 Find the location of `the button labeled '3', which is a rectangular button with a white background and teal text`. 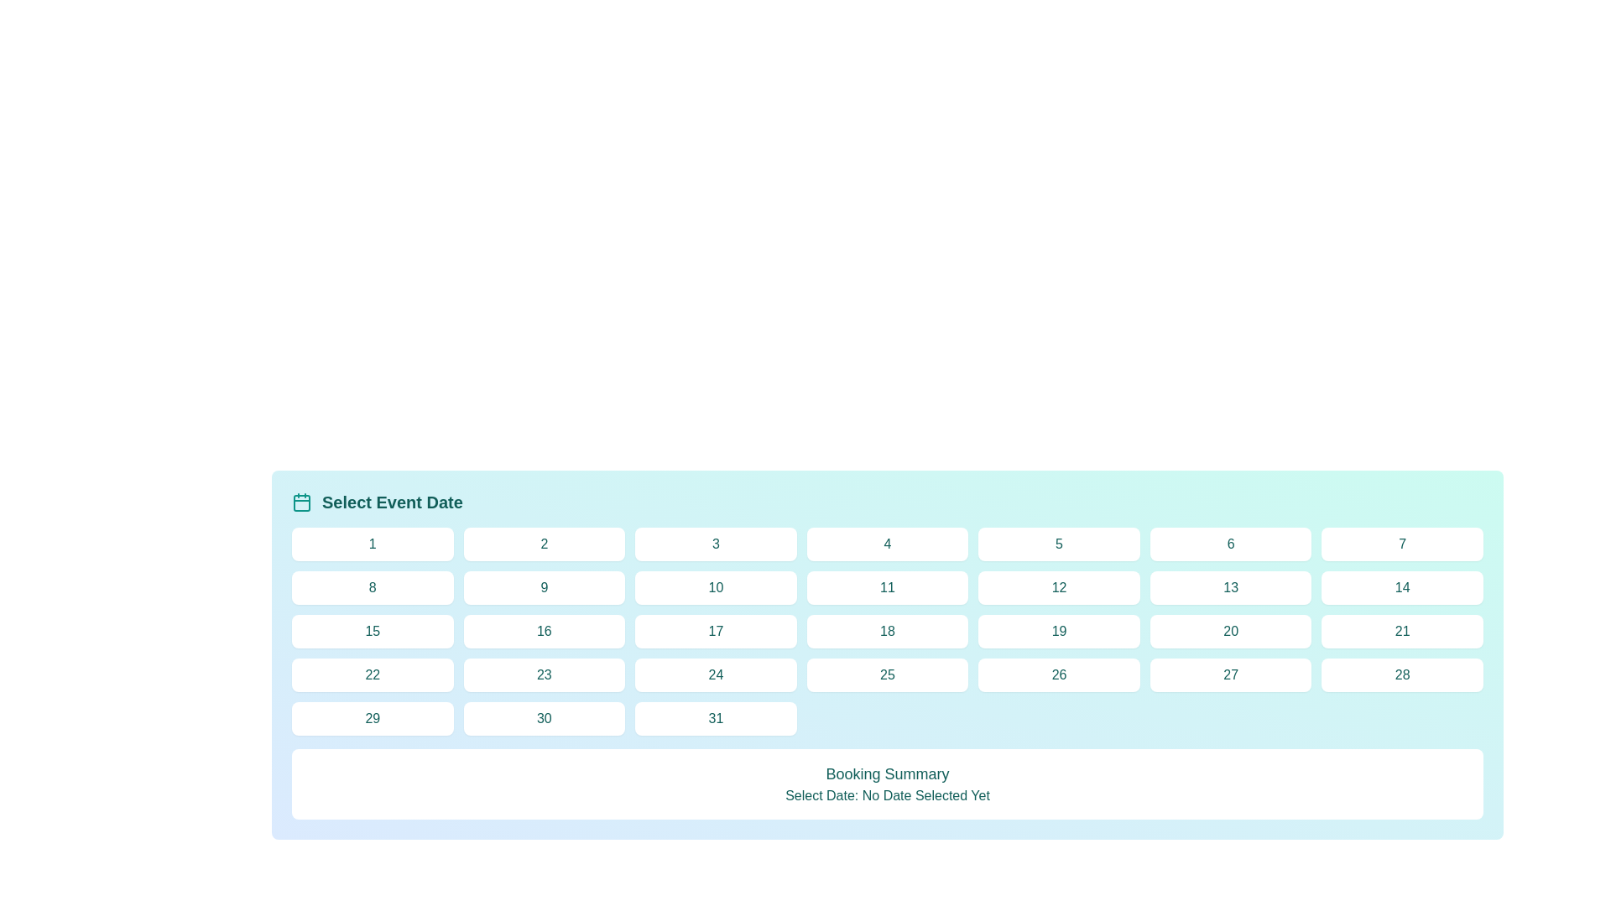

the button labeled '3', which is a rectangular button with a white background and teal text is located at coordinates (716, 544).